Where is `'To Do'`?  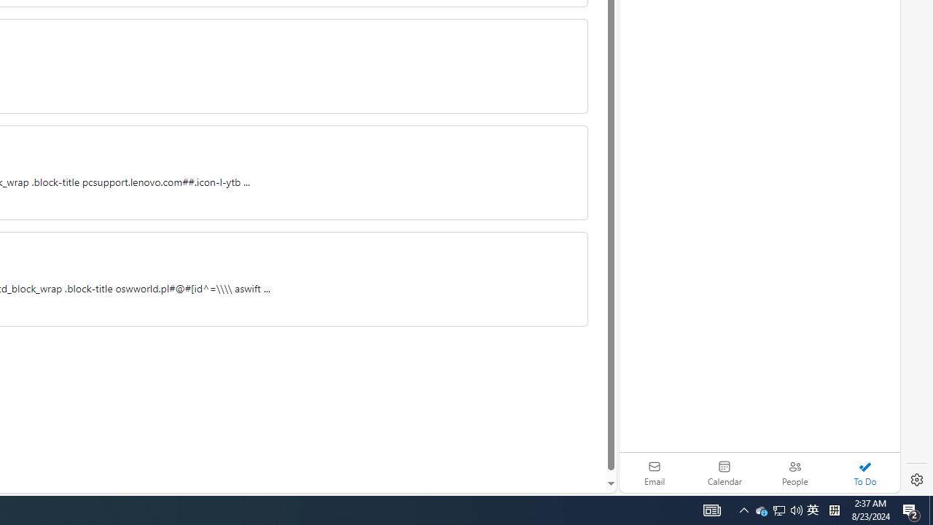 'To Do' is located at coordinates (864, 472).